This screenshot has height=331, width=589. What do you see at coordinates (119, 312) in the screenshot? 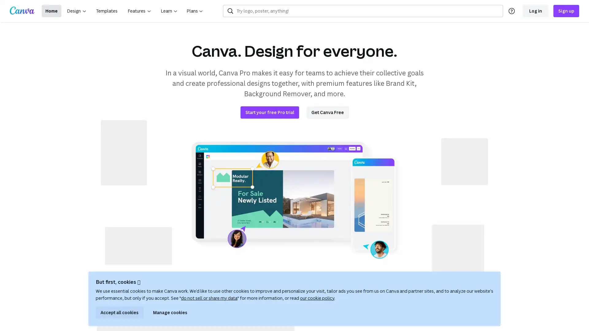
I see `Accept all cookies` at bounding box center [119, 312].